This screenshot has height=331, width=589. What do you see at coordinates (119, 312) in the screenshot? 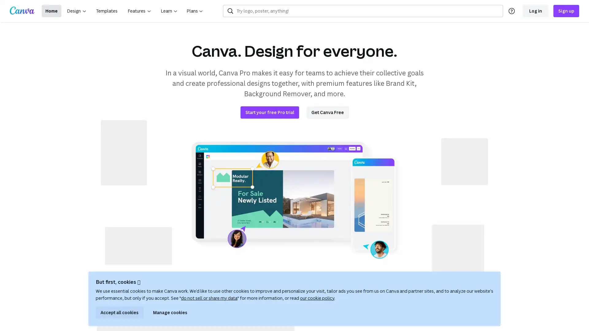
I see `Accept all cookies` at bounding box center [119, 312].